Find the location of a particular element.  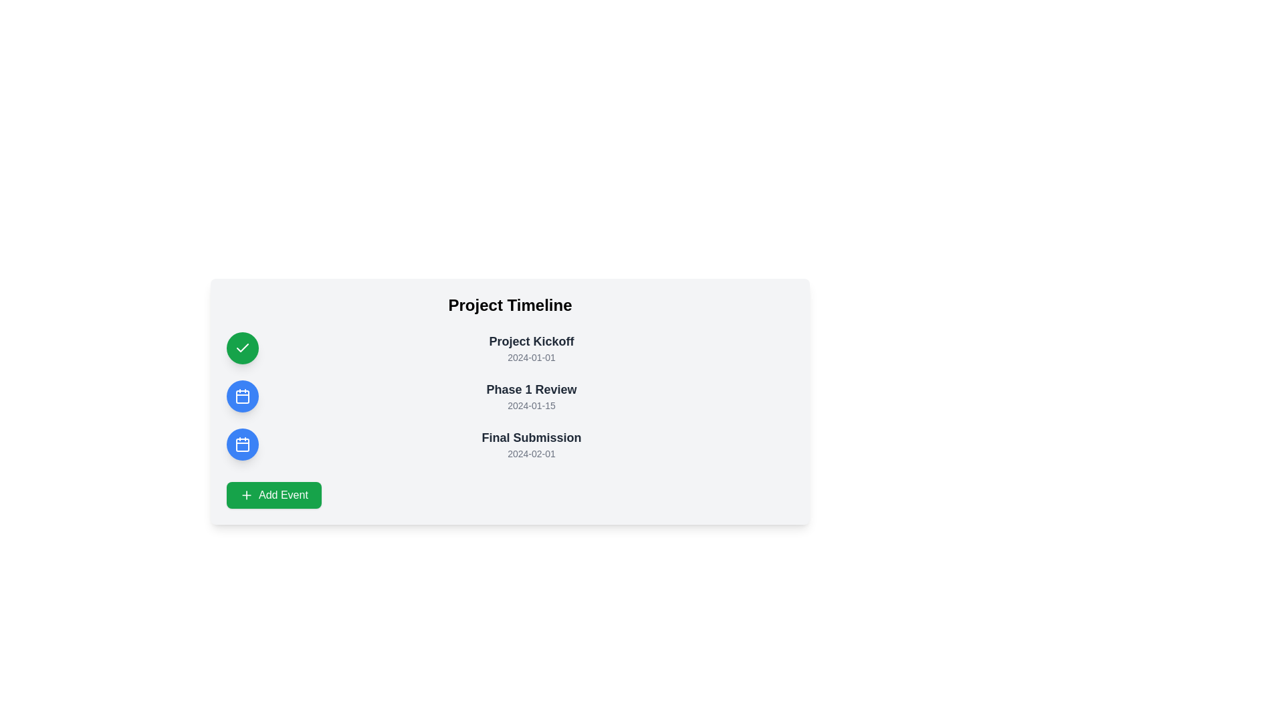

the 'Final Submission' text block element, which is the third event in the timeline, displaying the date '2024-02-01' below it is located at coordinates (531, 444).